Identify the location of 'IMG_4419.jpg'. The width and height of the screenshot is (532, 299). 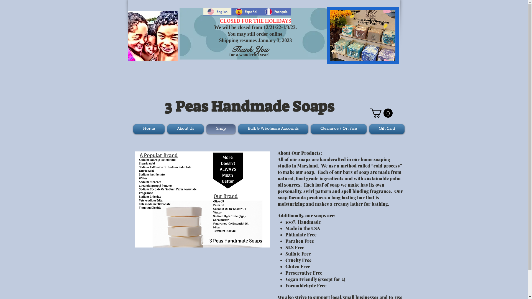
(363, 35).